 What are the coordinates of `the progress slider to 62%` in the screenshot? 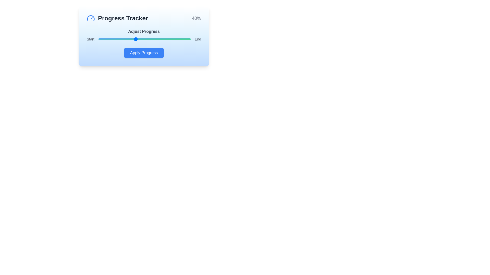 It's located at (155, 39).